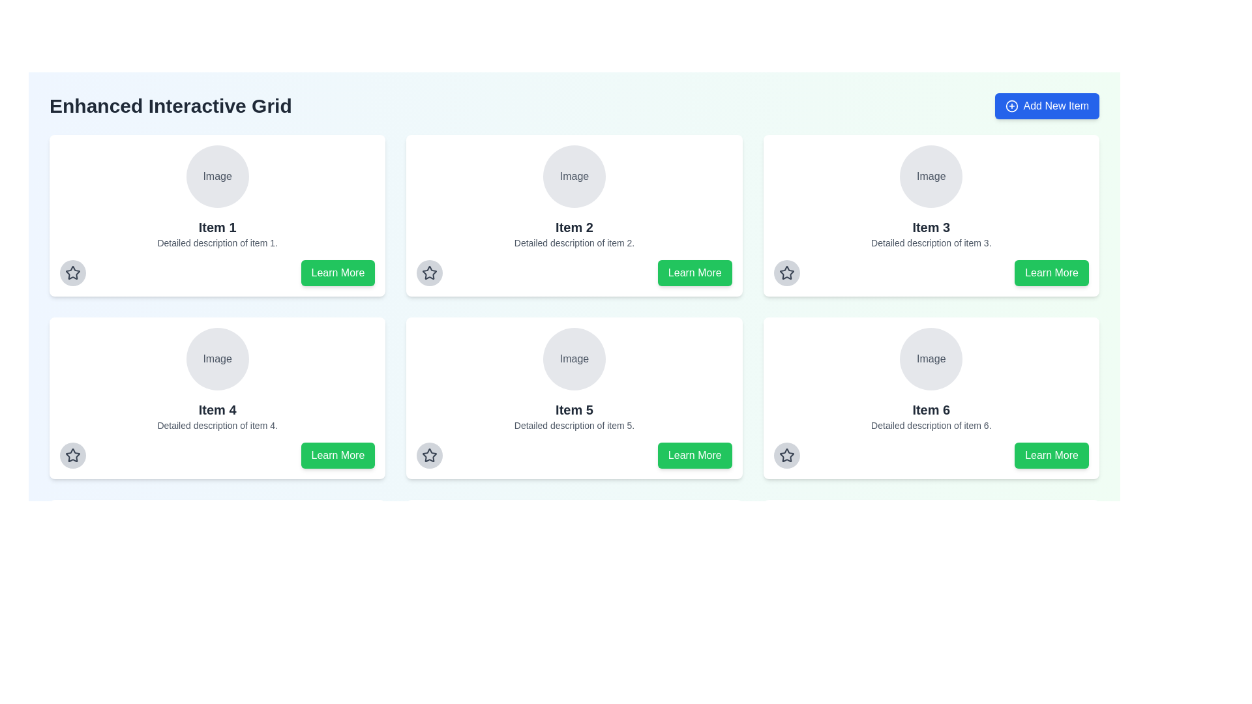 The image size is (1252, 704). I want to click on the star button located in the top-left corner of the card for 'Item 1', so click(72, 272).